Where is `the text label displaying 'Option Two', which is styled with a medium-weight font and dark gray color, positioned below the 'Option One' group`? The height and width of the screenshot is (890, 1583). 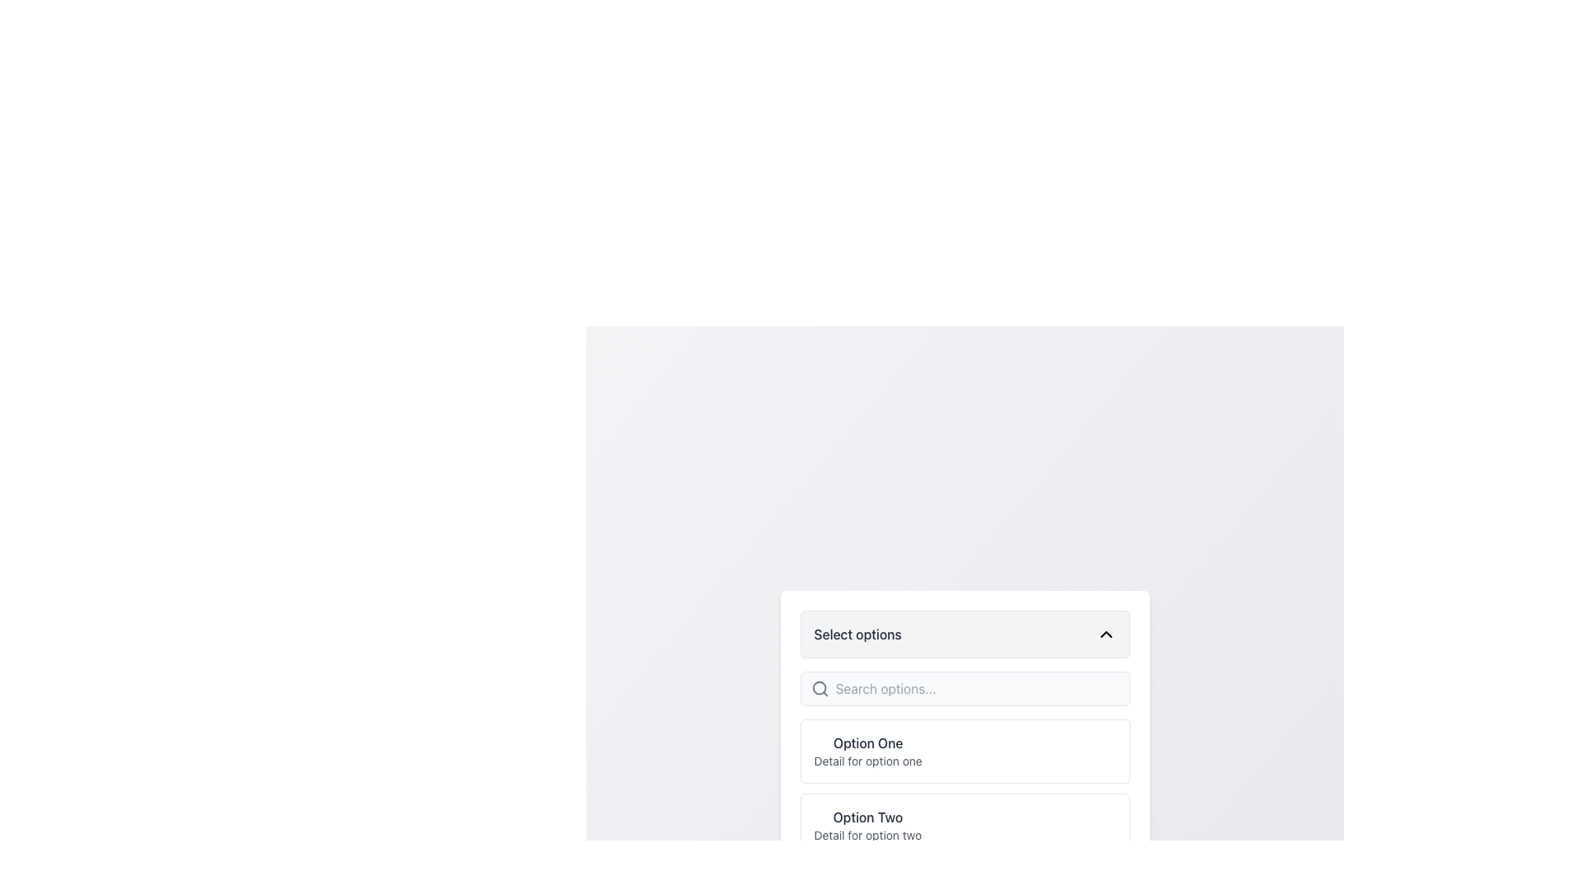 the text label displaying 'Option Two', which is styled with a medium-weight font and dark gray color, positioned below the 'Option One' group is located at coordinates (867, 817).